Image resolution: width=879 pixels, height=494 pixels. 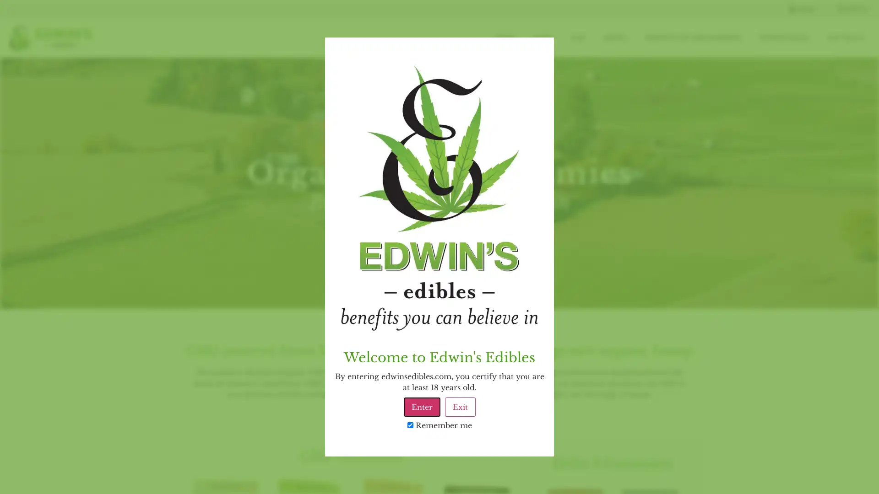 What do you see at coordinates (421, 407) in the screenshot?
I see `Enter` at bounding box center [421, 407].